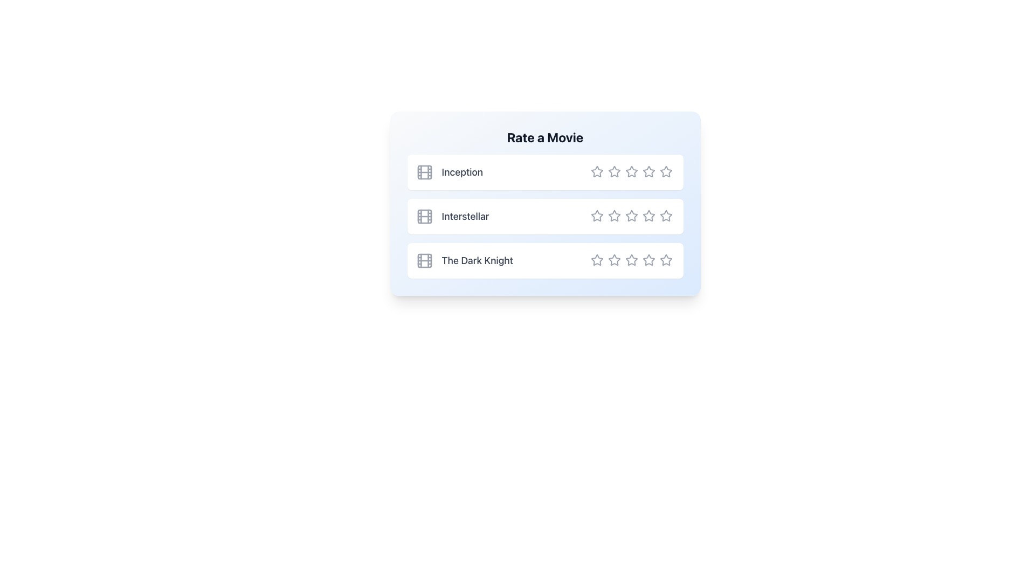 The image size is (1035, 582). Describe the element at coordinates (449, 172) in the screenshot. I see `text label 'Inception' which is the first row in a vertical list of movie titles, accompanied by a film icon on the left and star icons for rating on the right` at that location.